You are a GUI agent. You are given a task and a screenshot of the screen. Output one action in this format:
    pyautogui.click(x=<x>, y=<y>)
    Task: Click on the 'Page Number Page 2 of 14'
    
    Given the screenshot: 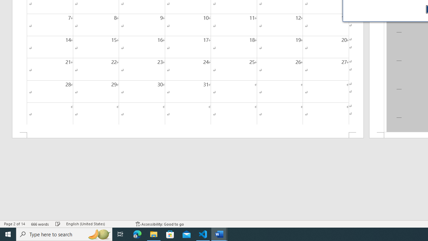 What is the action you would take?
    pyautogui.click(x=14, y=224)
    